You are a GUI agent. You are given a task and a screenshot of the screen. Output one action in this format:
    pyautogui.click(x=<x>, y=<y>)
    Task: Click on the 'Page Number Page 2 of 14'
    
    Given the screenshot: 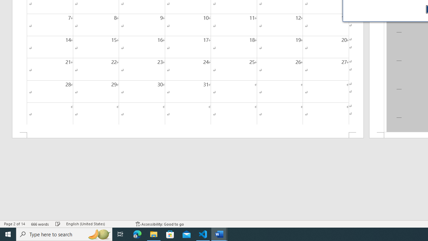 What is the action you would take?
    pyautogui.click(x=14, y=224)
    